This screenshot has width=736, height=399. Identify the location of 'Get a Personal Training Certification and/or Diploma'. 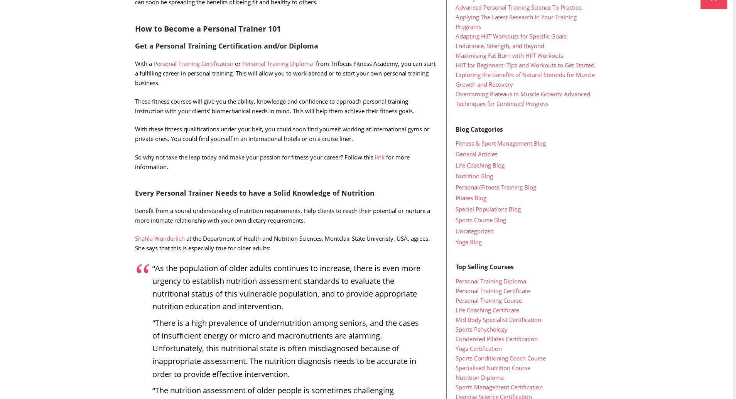
(226, 61).